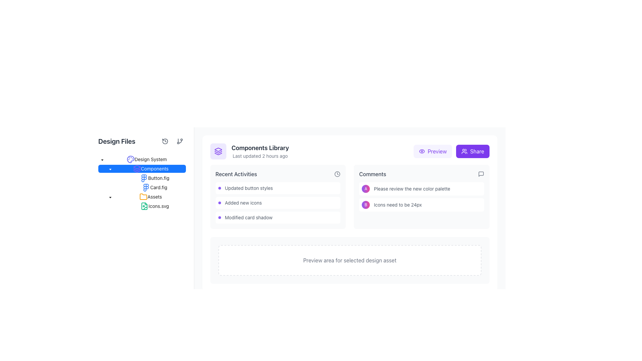 Image resolution: width=642 pixels, height=361 pixels. What do you see at coordinates (118, 177) in the screenshot?
I see `the small square button located next to 'Button.fig' in the file tree view, which is styled minimally and appears to be a placeholder` at bounding box center [118, 177].